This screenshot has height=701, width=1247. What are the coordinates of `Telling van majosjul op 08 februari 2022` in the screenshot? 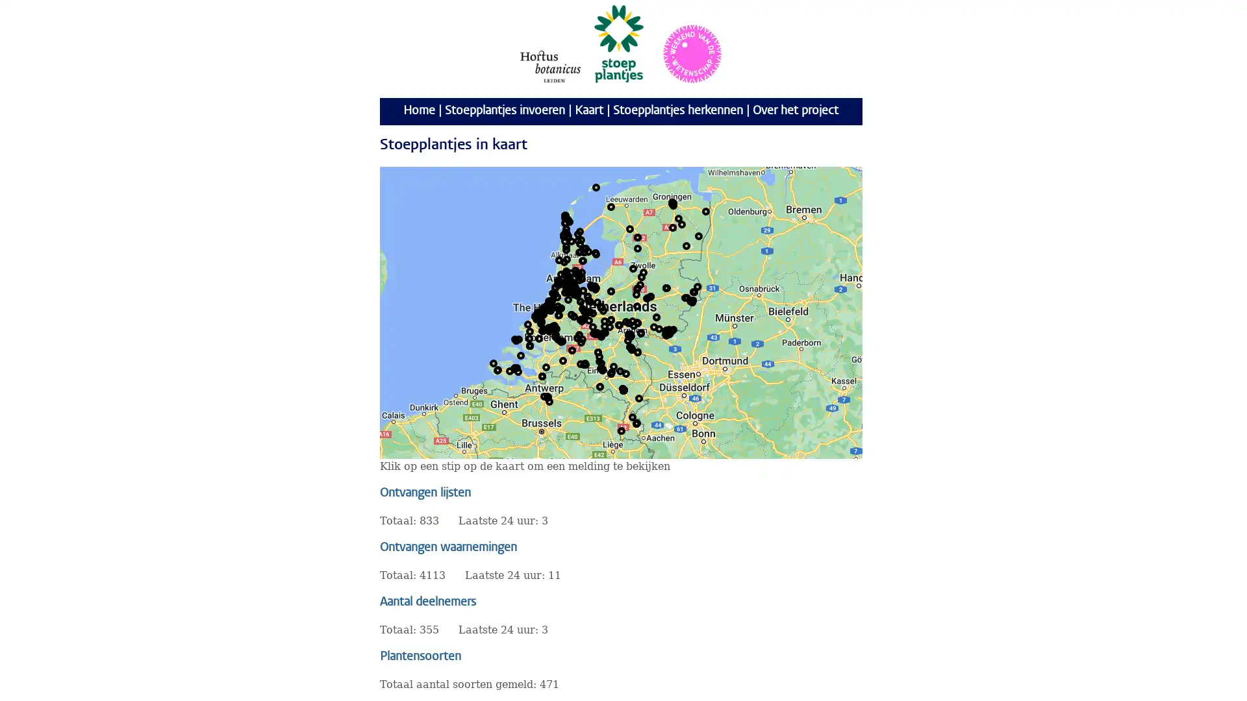 It's located at (558, 280).